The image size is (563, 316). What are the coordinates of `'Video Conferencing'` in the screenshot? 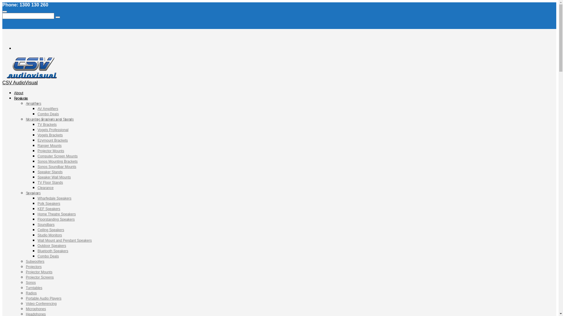 It's located at (41, 303).